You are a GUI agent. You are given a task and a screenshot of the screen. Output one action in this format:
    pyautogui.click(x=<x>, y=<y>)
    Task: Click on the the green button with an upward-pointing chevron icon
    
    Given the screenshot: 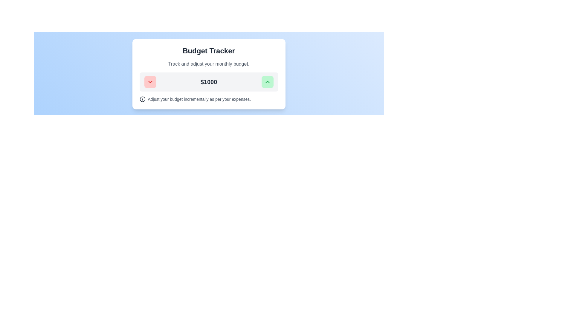 What is the action you would take?
    pyautogui.click(x=267, y=82)
    